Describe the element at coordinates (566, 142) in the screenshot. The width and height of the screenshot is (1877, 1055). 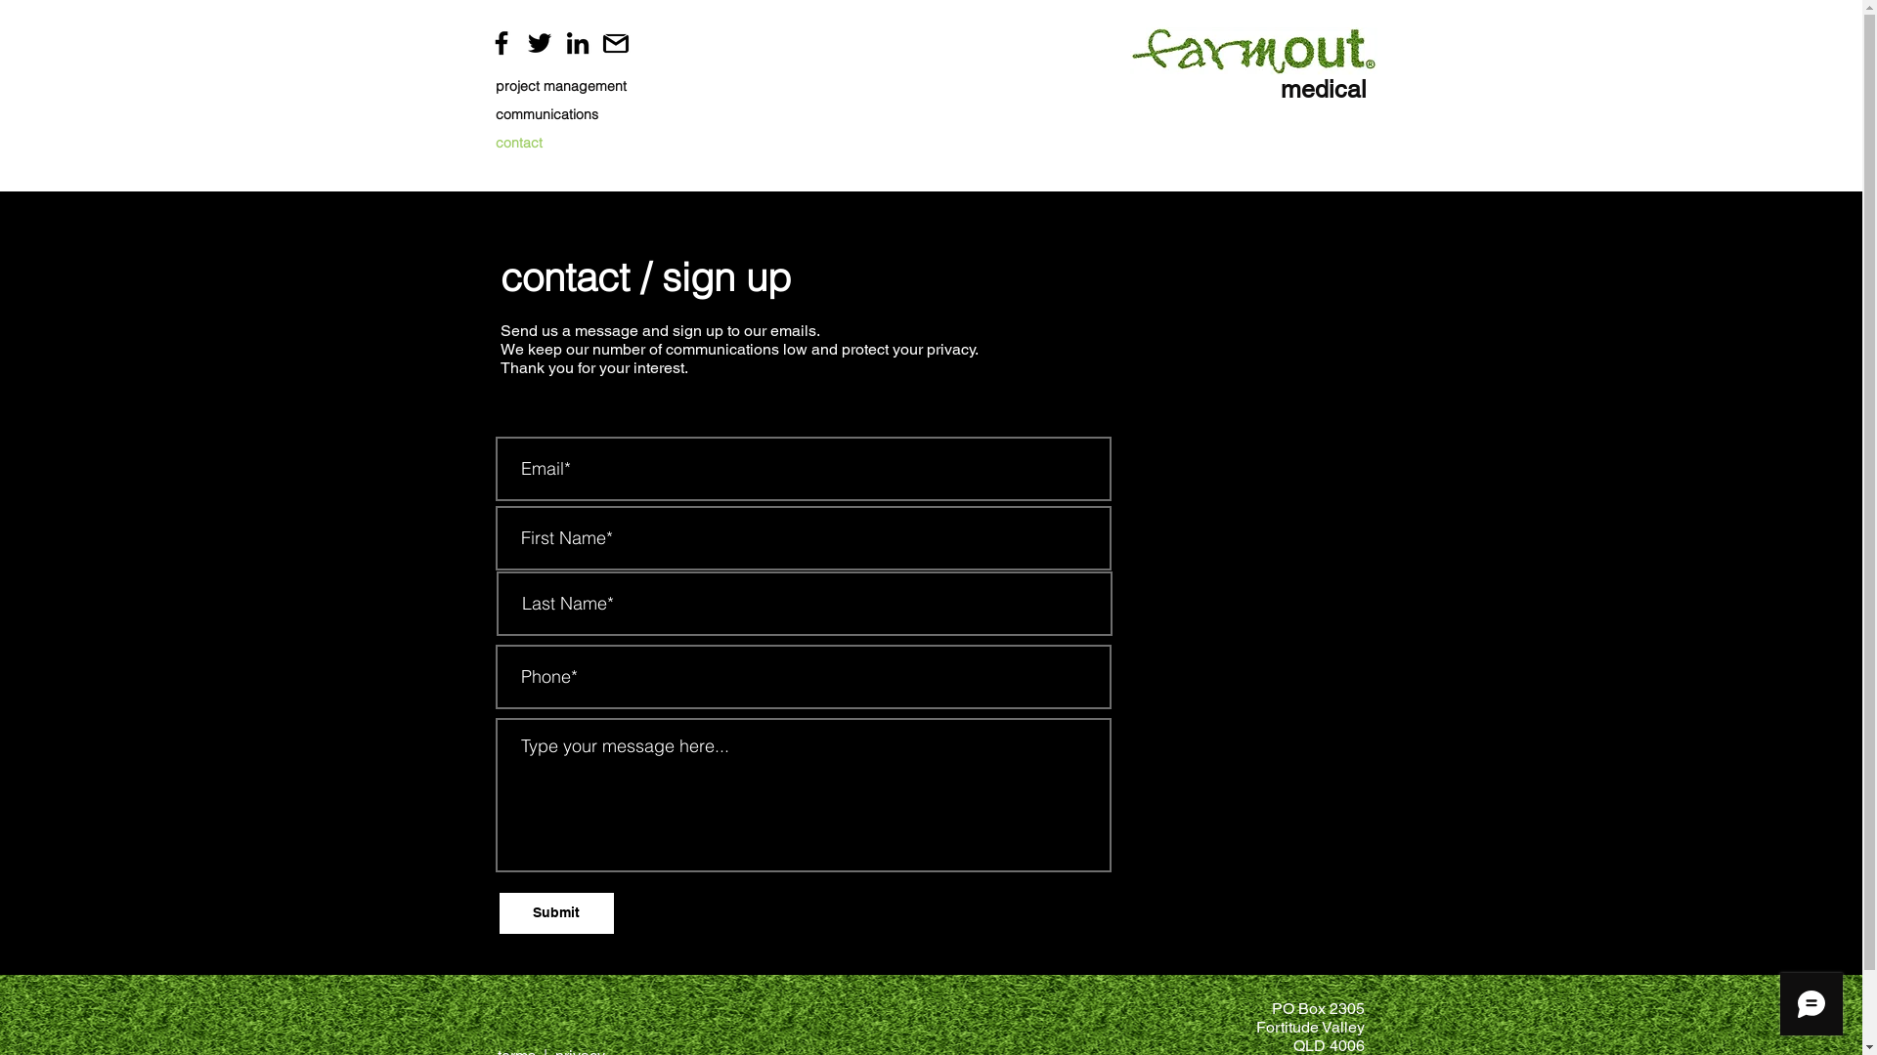
I see `'contact'` at that location.